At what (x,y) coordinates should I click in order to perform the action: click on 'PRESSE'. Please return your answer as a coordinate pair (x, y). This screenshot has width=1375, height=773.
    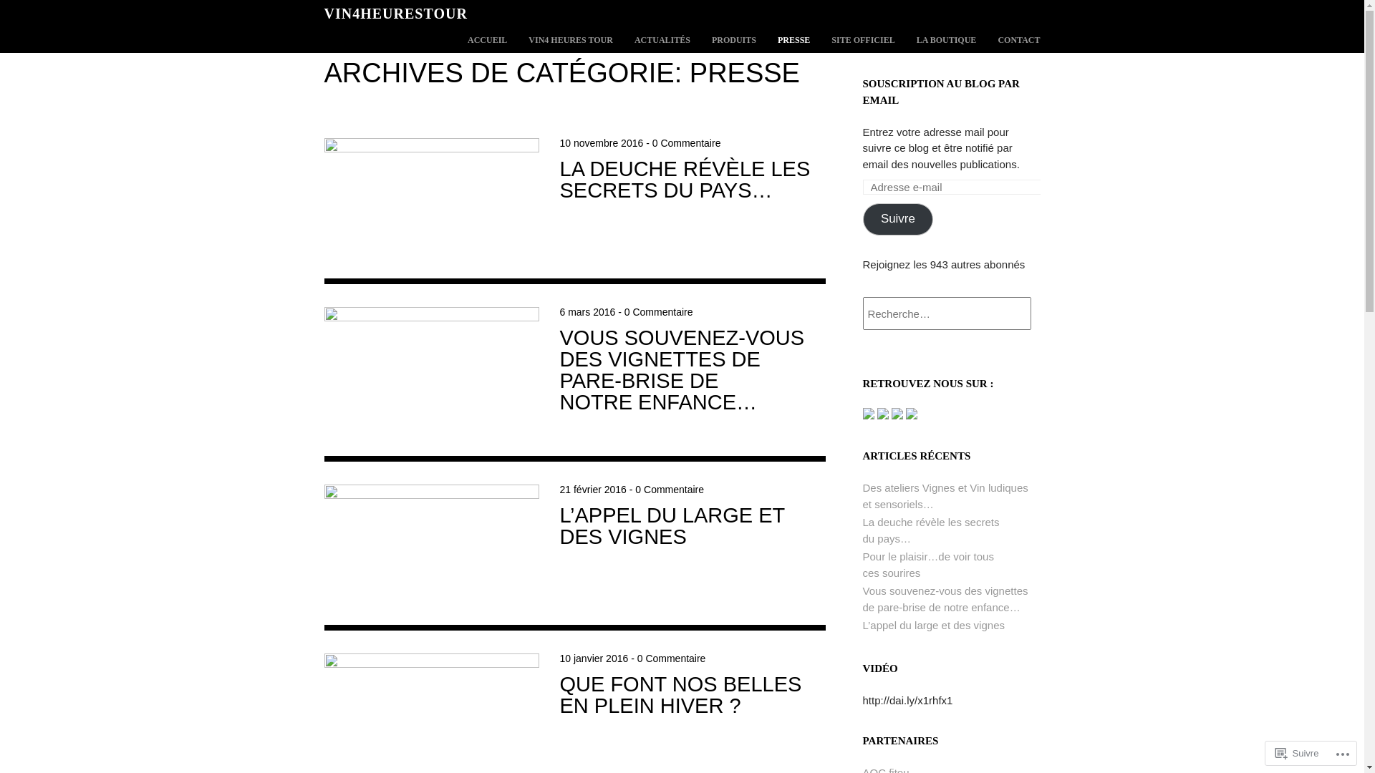
    Looking at the image, I should click on (793, 39).